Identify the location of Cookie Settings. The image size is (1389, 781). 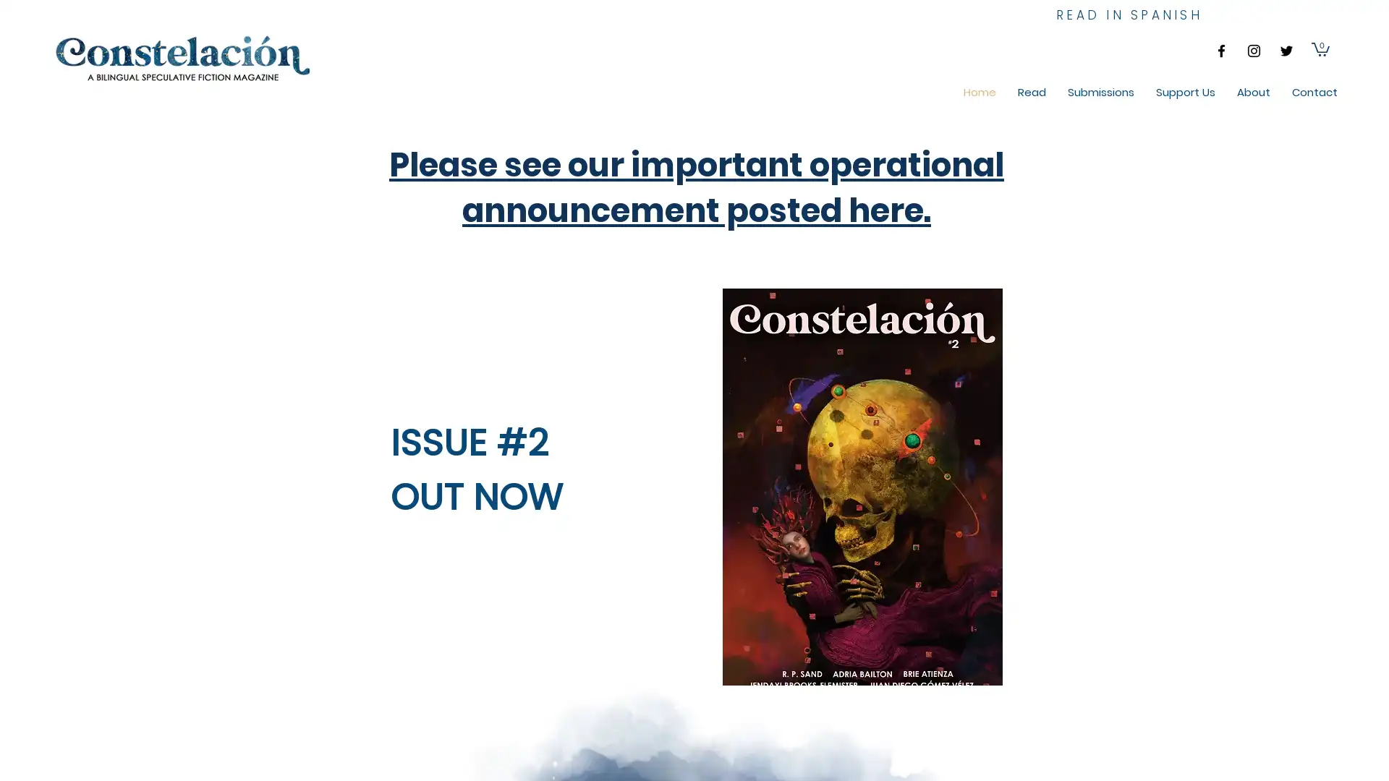
(1232, 755).